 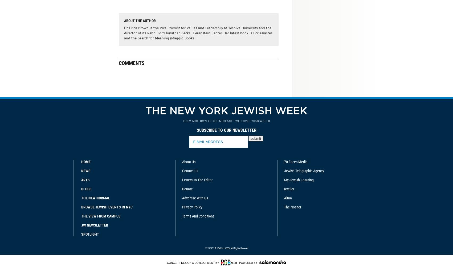 What do you see at coordinates (81, 170) in the screenshot?
I see `'News'` at bounding box center [81, 170].